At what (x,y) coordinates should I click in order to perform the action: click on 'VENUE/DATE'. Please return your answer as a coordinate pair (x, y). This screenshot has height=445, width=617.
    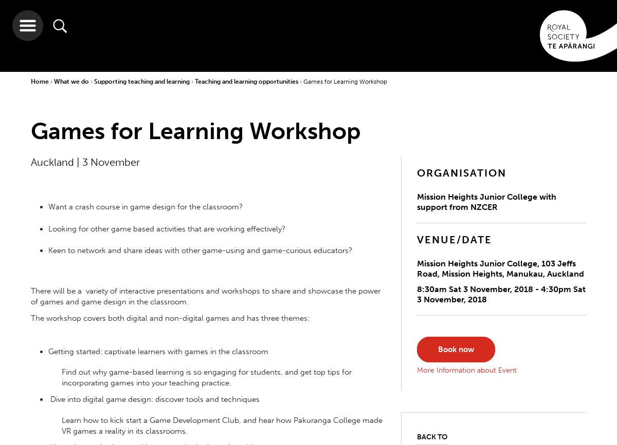
    Looking at the image, I should click on (416, 239).